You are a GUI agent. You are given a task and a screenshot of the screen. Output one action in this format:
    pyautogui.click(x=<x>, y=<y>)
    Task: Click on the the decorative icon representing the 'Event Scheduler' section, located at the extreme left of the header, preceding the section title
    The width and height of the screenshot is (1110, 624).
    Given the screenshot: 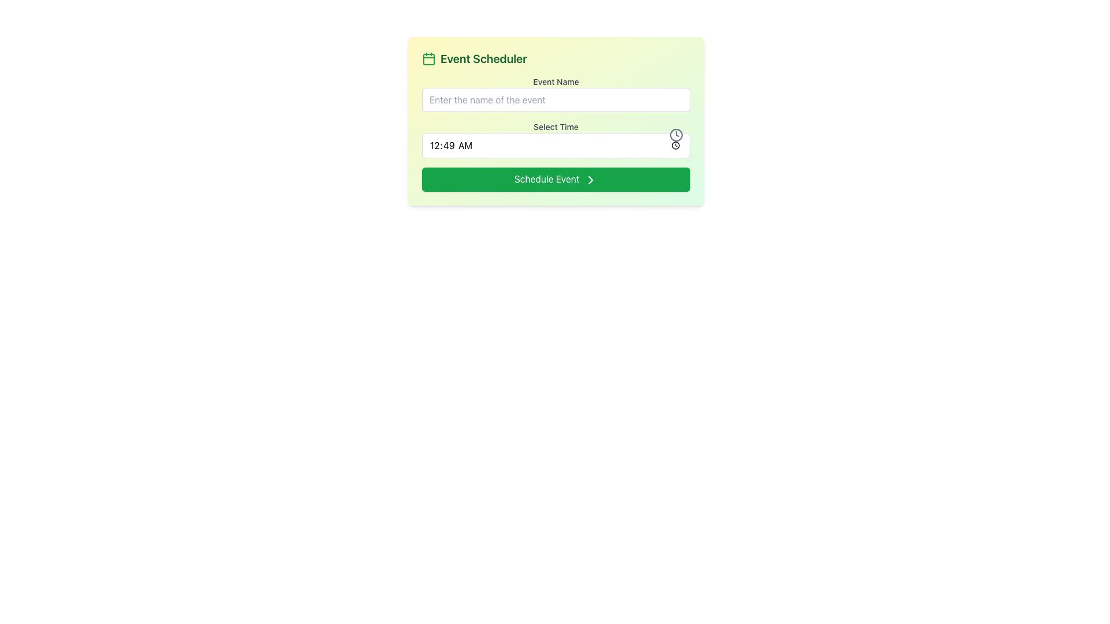 What is the action you would take?
    pyautogui.click(x=428, y=58)
    